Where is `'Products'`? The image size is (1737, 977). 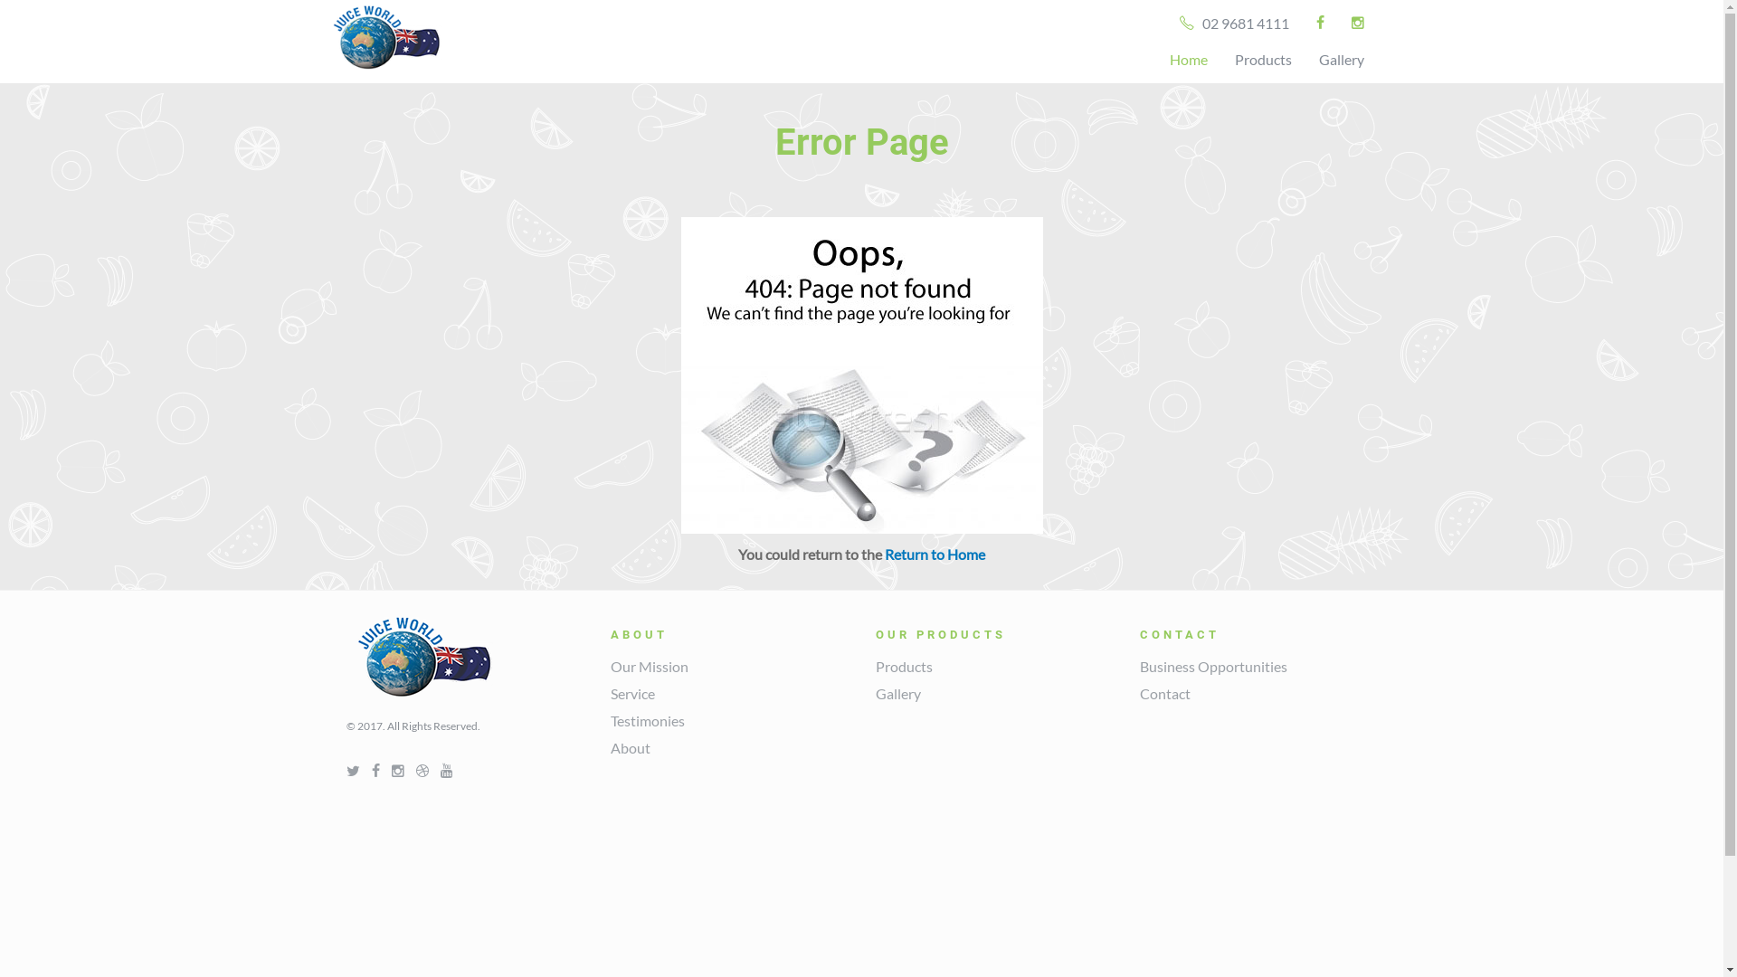 'Products' is located at coordinates (904, 666).